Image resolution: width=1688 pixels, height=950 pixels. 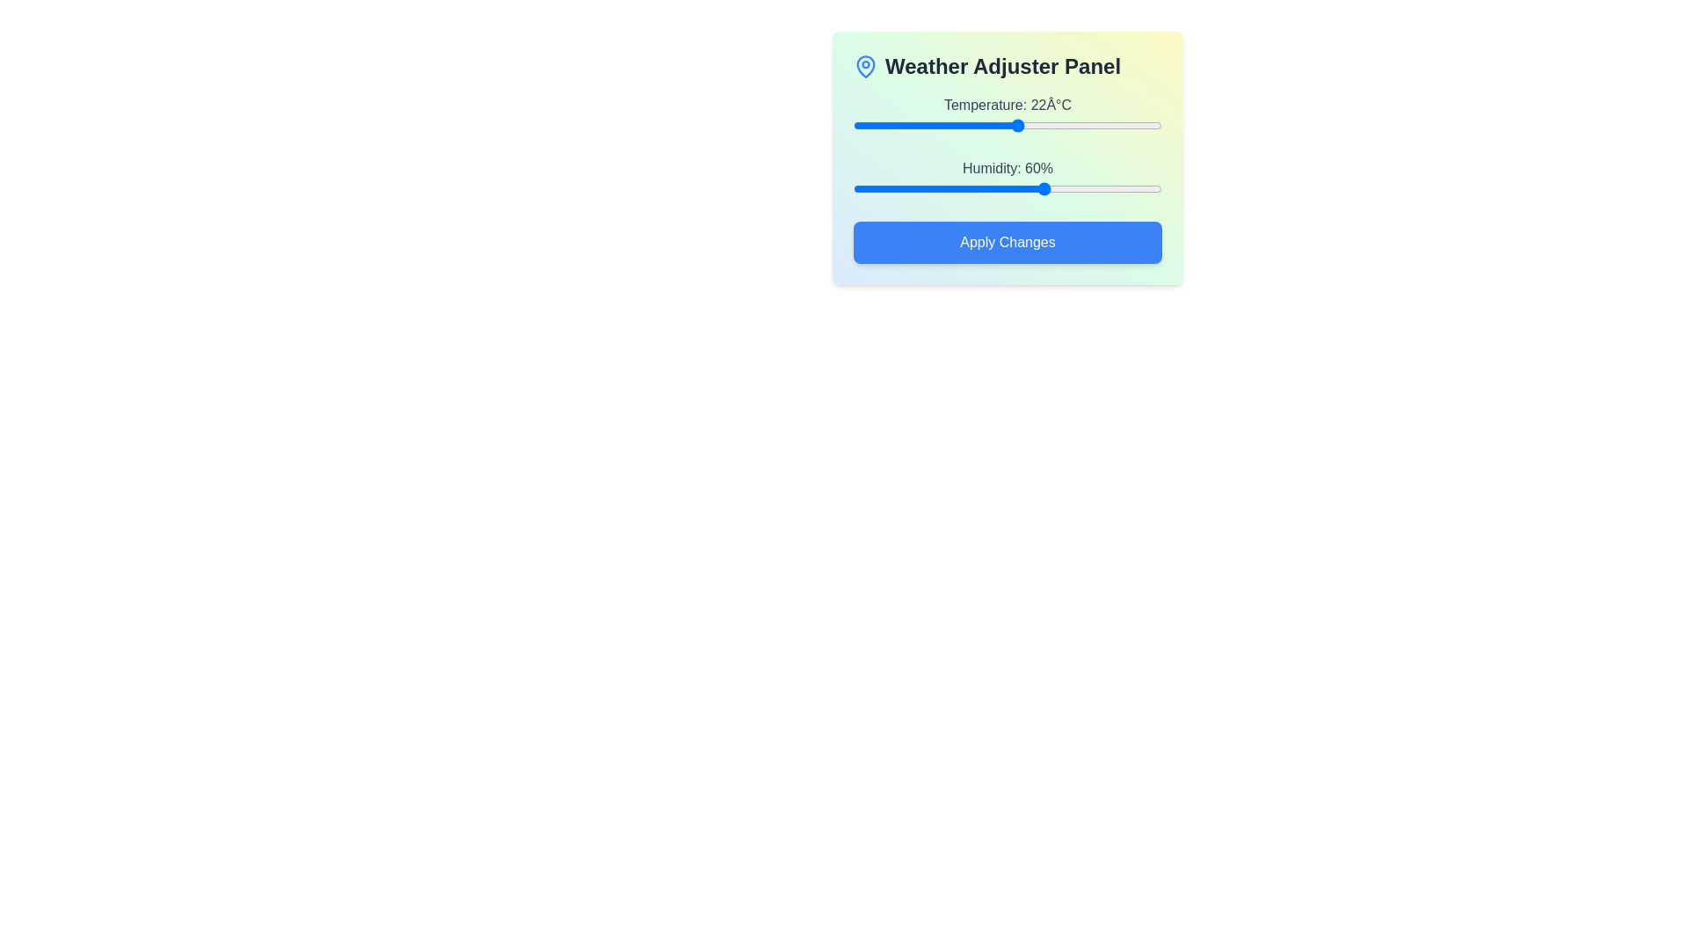 I want to click on the humidity slider to 40%, so click(x=968, y=189).